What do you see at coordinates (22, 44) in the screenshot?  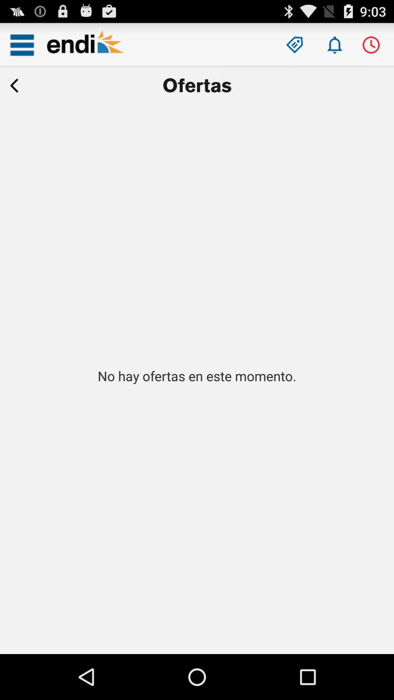 I see `open menu` at bounding box center [22, 44].